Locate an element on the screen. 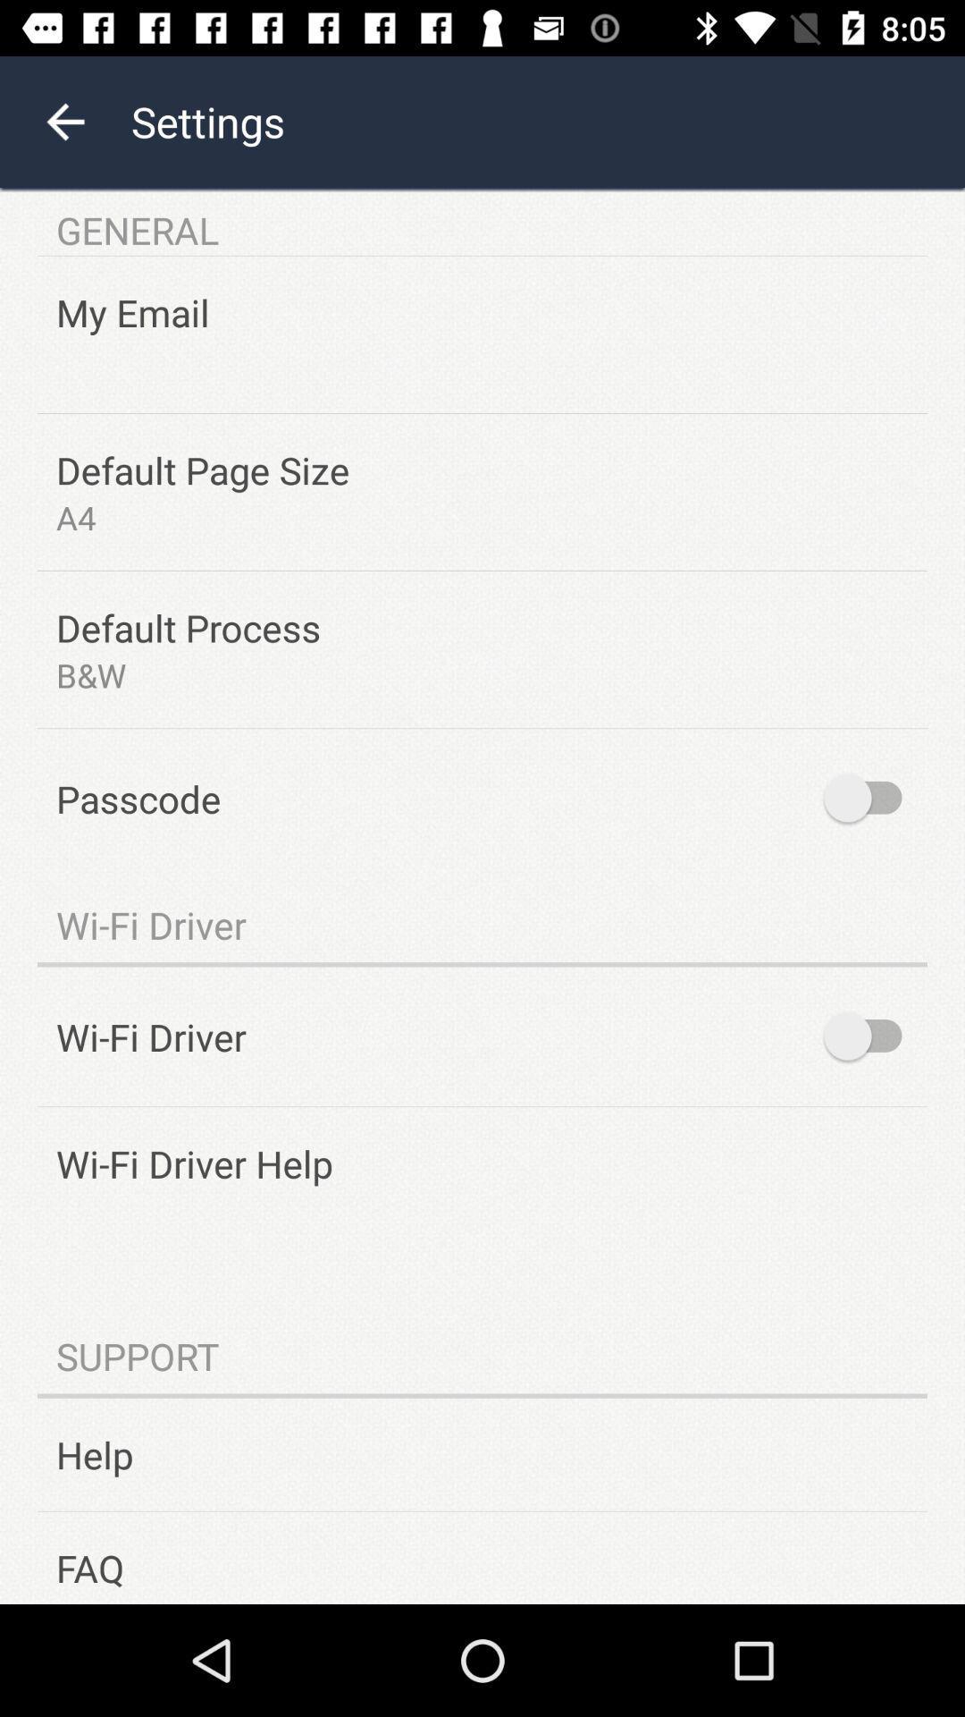 Image resolution: width=965 pixels, height=1717 pixels. the arrow_backward icon is located at coordinates (64, 121).